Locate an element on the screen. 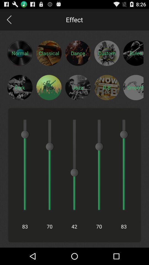 Image resolution: width=149 pixels, height=265 pixels. the item to the left of the effect app is located at coordinates (9, 19).